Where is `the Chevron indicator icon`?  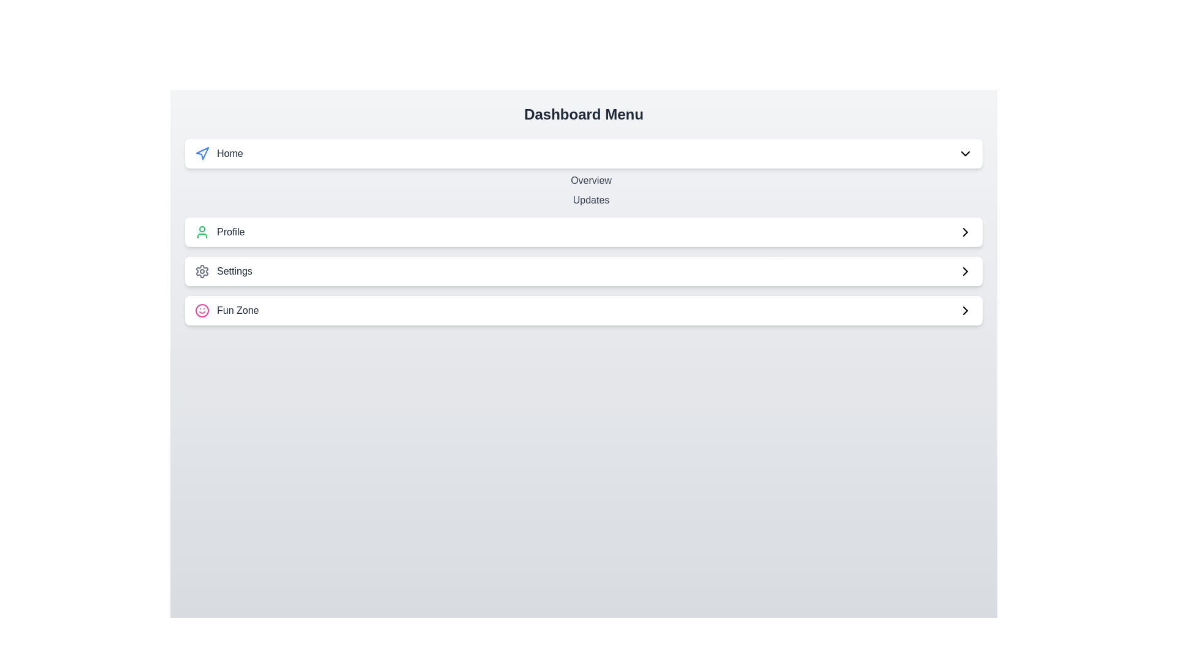 the Chevron indicator icon is located at coordinates (964, 232).